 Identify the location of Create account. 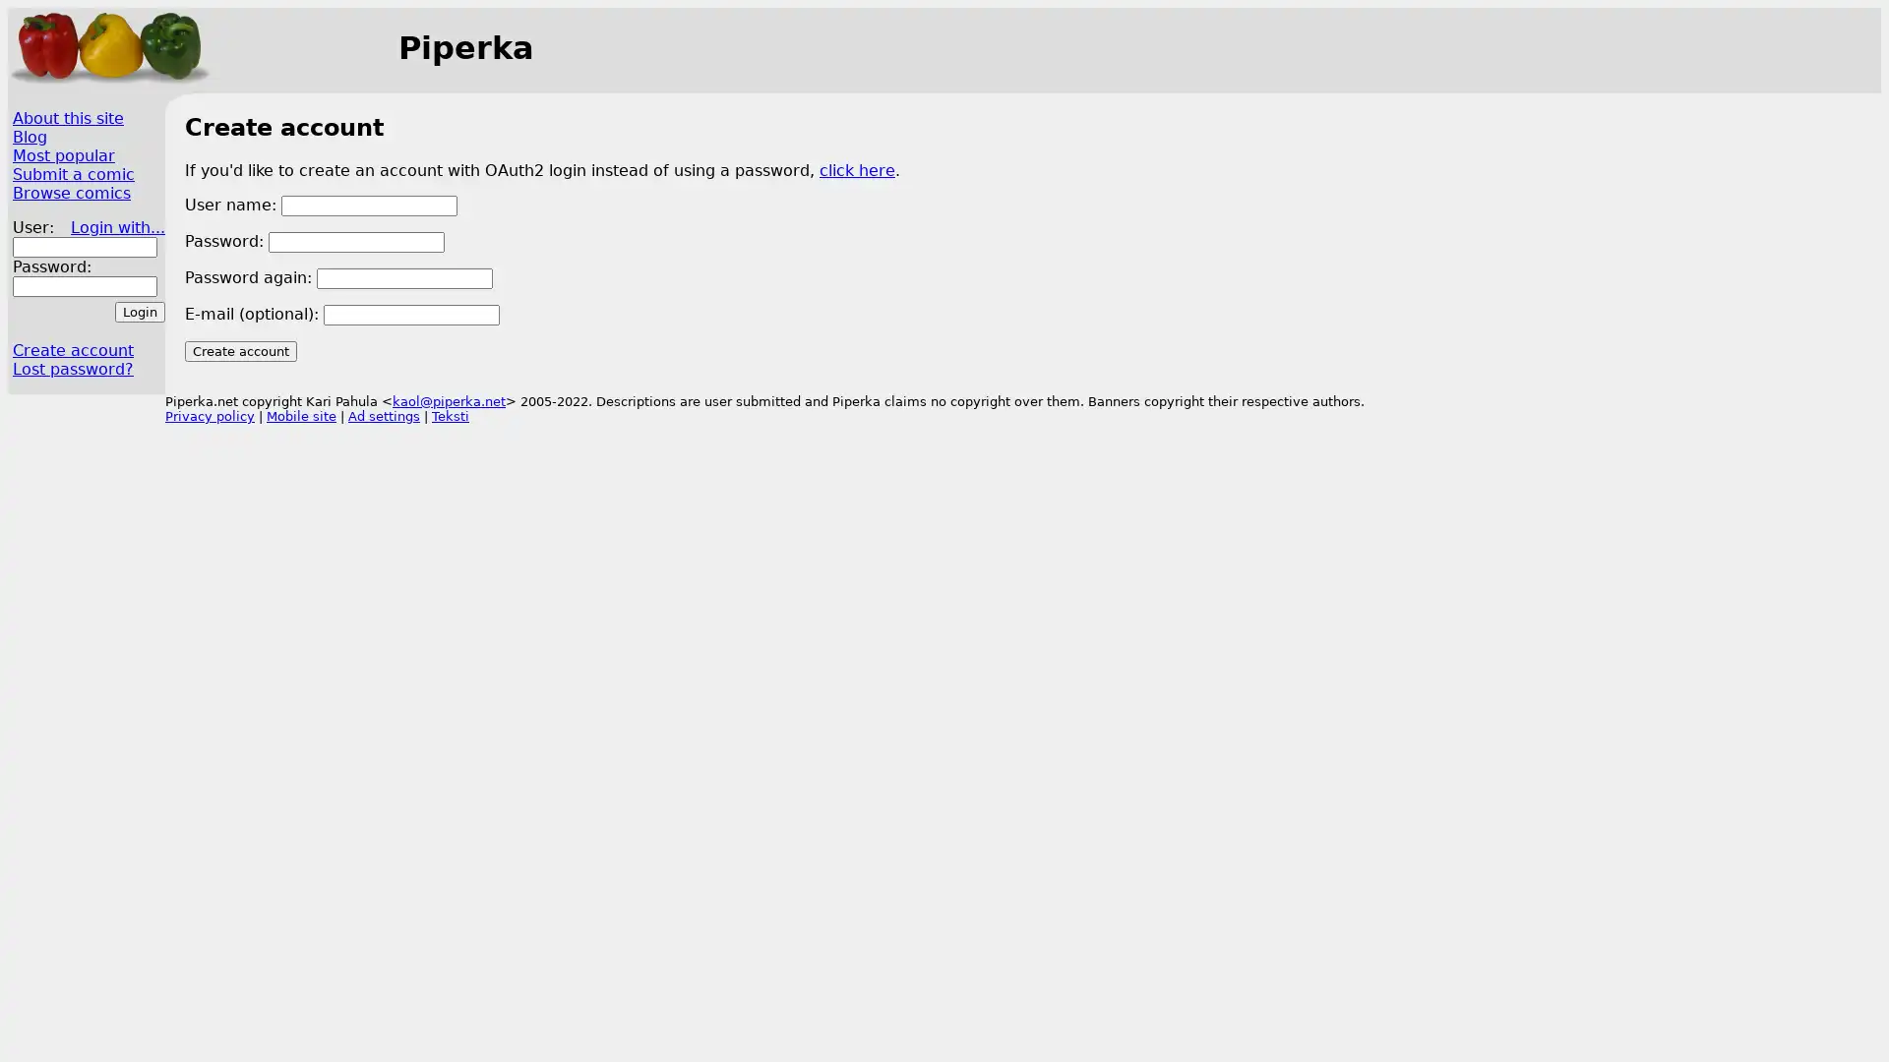
(239, 349).